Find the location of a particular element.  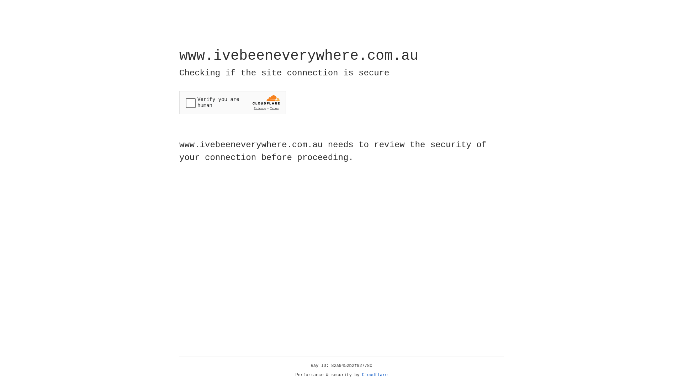

'Widget containing a Cloudflare security challenge' is located at coordinates (232, 102).